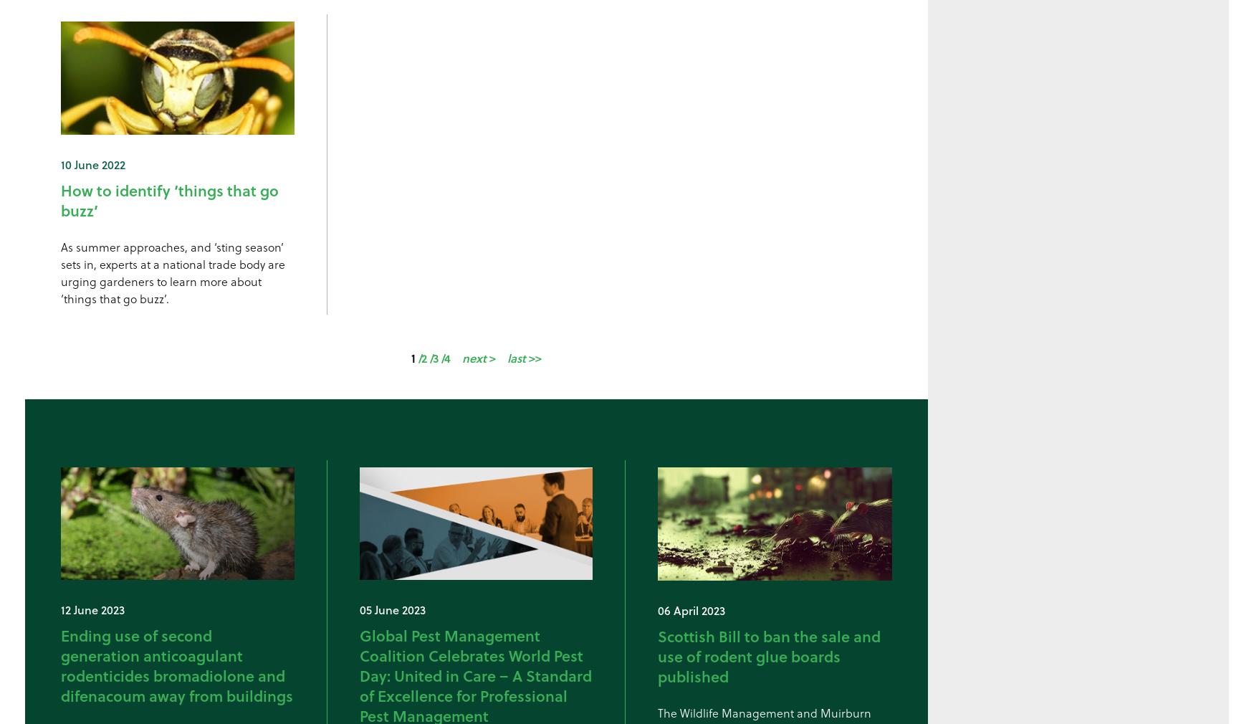 This screenshot has width=1254, height=724. What do you see at coordinates (391, 609) in the screenshot?
I see `'05 June 2023'` at bounding box center [391, 609].